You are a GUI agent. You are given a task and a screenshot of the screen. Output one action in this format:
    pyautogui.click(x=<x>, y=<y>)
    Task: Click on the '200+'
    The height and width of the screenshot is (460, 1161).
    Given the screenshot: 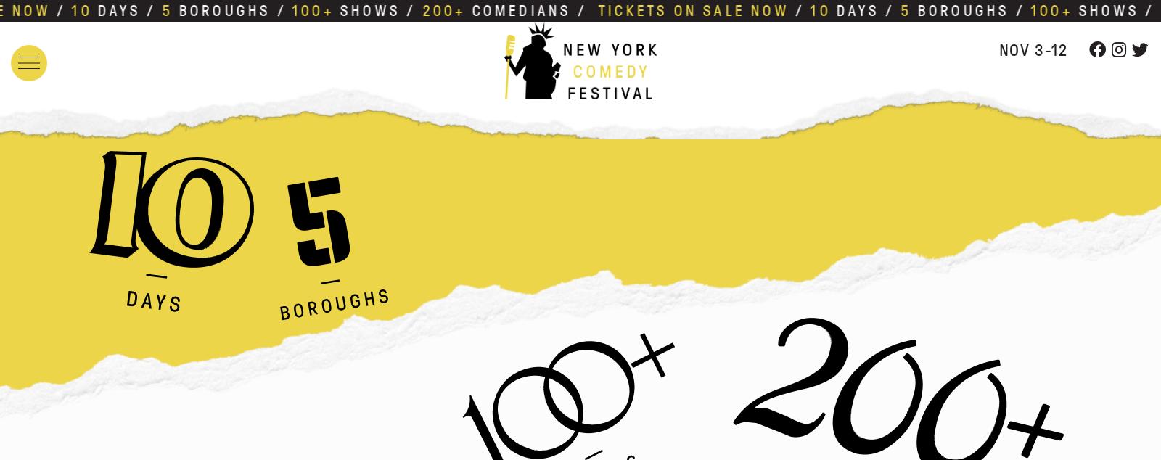 What is the action you would take?
    pyautogui.click(x=434, y=11)
    